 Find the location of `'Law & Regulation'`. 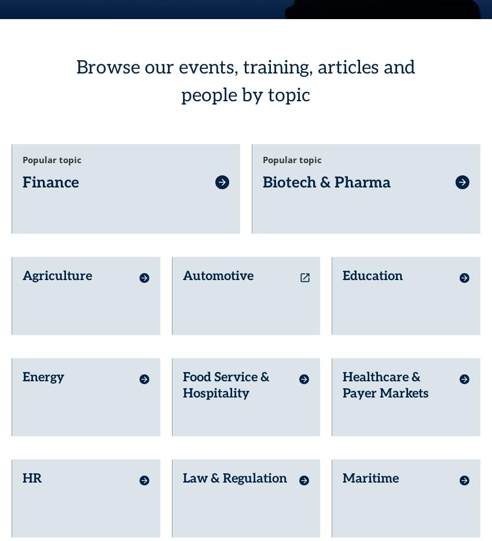

'Law & Regulation' is located at coordinates (234, 458).